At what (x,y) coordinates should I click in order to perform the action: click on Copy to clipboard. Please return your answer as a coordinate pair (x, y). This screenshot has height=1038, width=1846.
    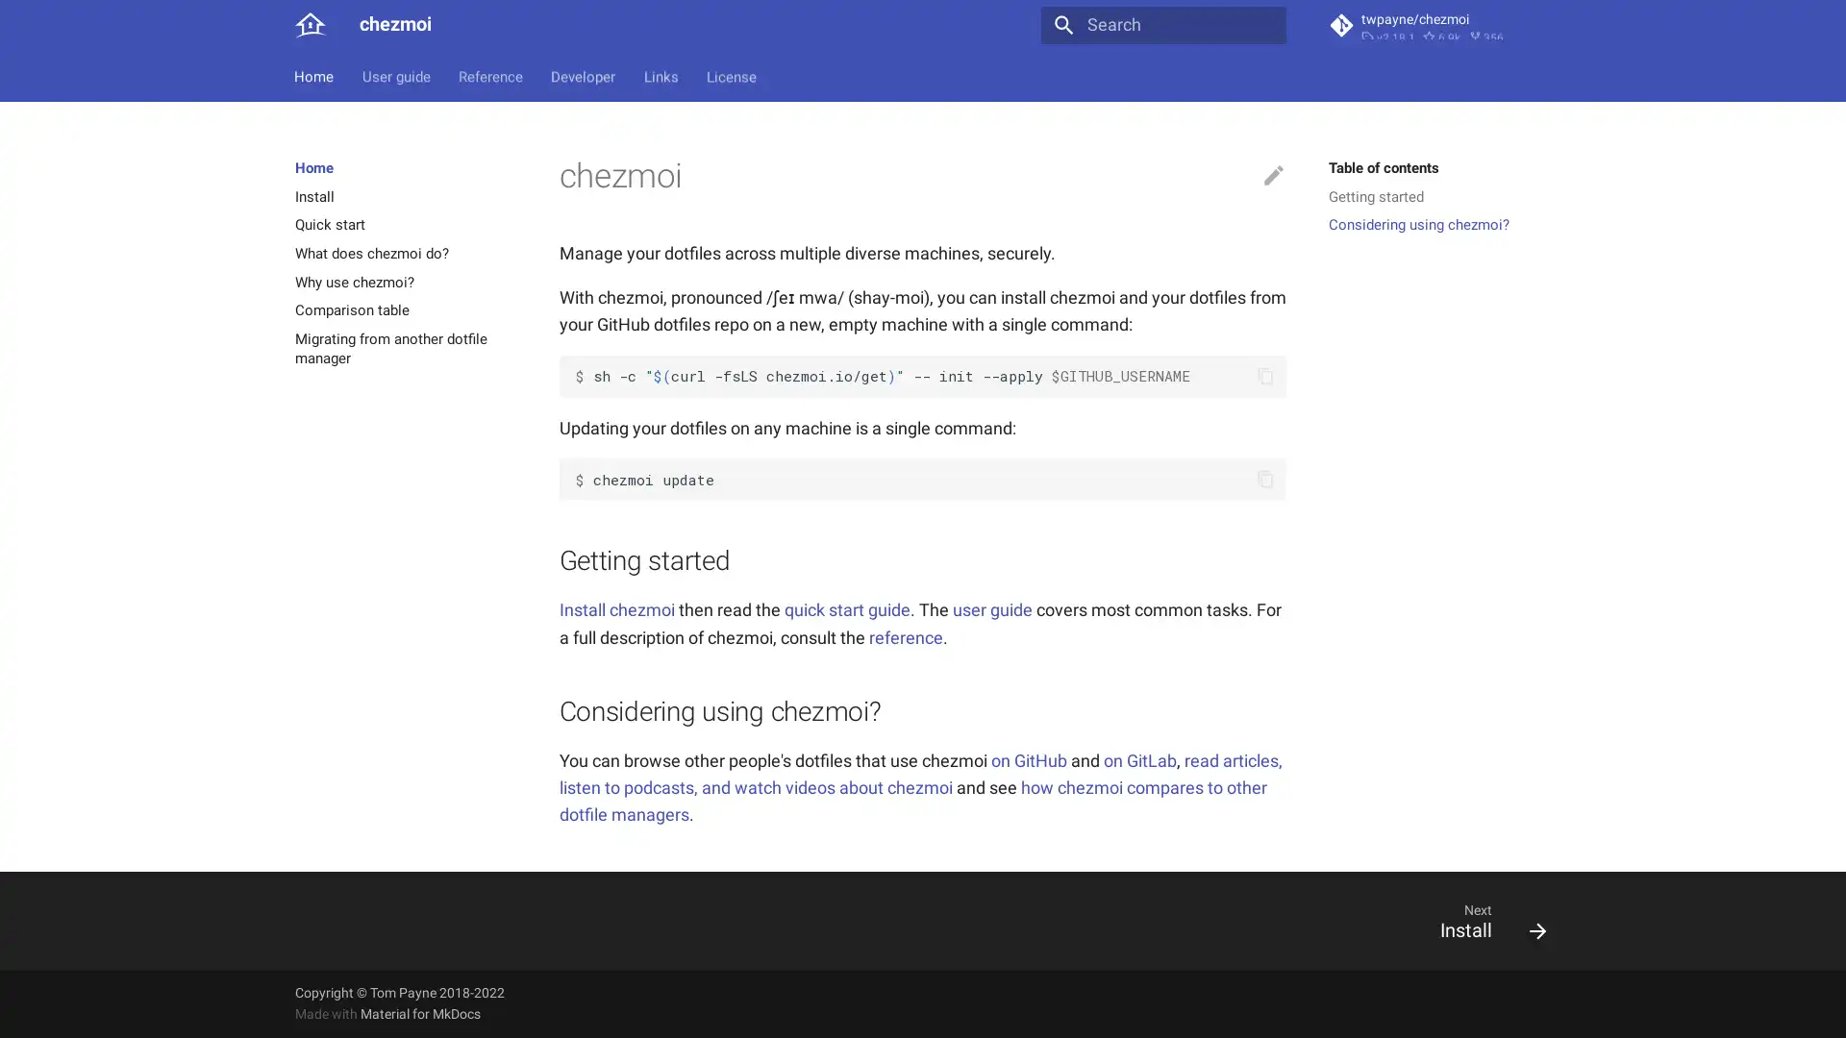
    Looking at the image, I should click on (1264, 376).